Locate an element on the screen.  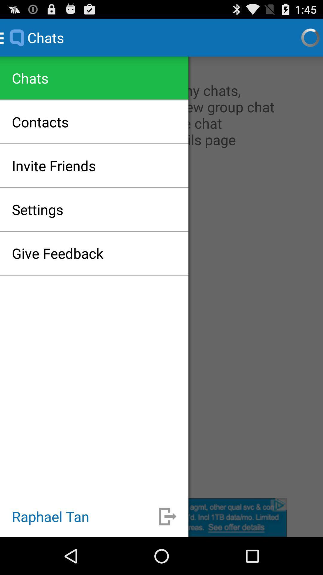
the icon above the invite friends item is located at coordinates (40, 121).